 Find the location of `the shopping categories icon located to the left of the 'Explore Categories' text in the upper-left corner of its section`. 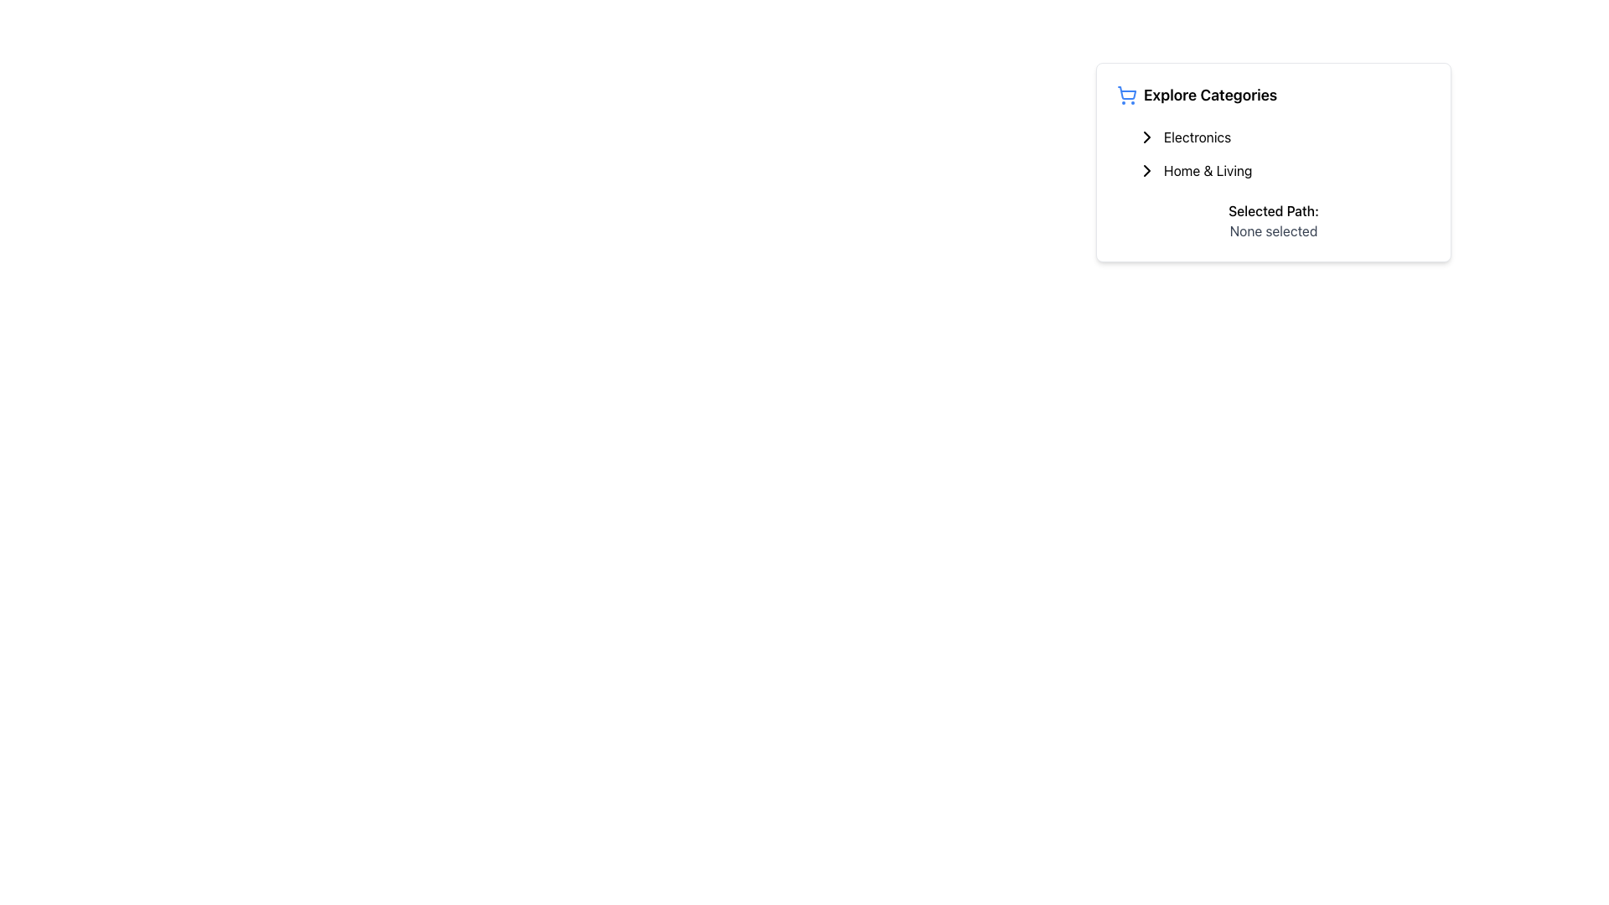

the shopping categories icon located to the left of the 'Explore Categories' text in the upper-left corner of its section is located at coordinates (1126, 96).